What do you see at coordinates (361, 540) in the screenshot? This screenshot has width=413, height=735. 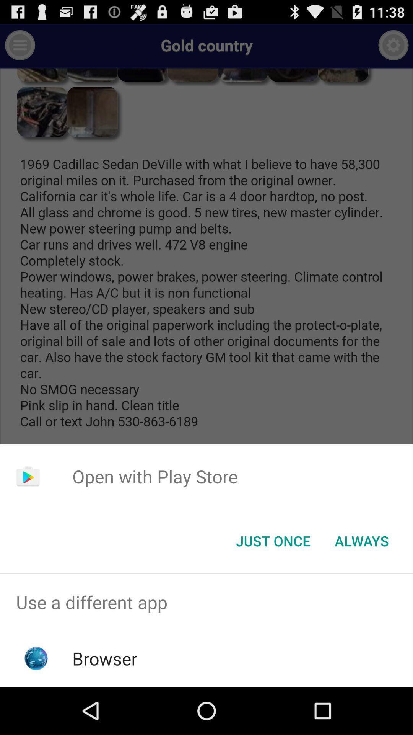 I see `the item to the right of just once icon` at bounding box center [361, 540].